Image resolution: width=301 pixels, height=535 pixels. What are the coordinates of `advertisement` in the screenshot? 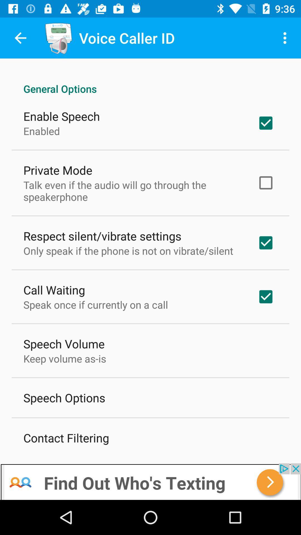 It's located at (151, 481).